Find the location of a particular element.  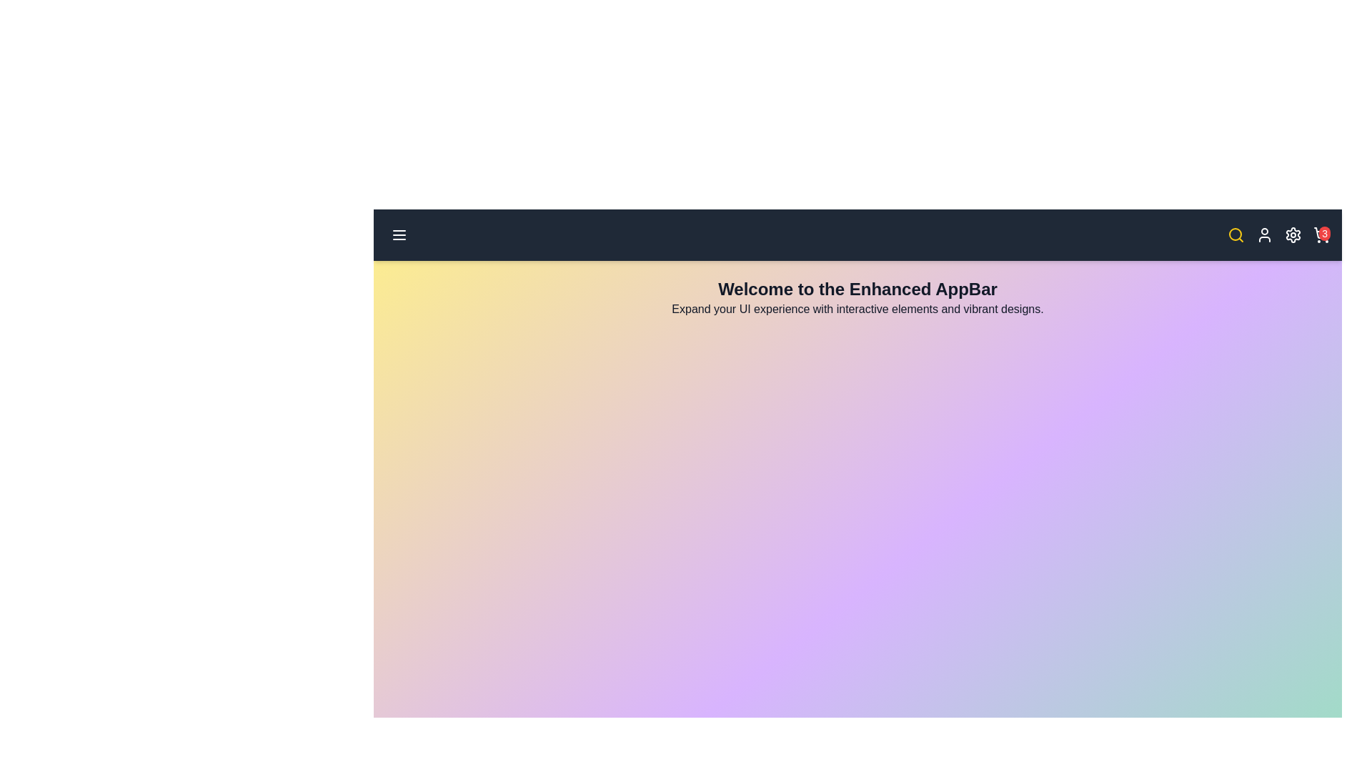

the settings icon to open the settings is located at coordinates (1293, 234).